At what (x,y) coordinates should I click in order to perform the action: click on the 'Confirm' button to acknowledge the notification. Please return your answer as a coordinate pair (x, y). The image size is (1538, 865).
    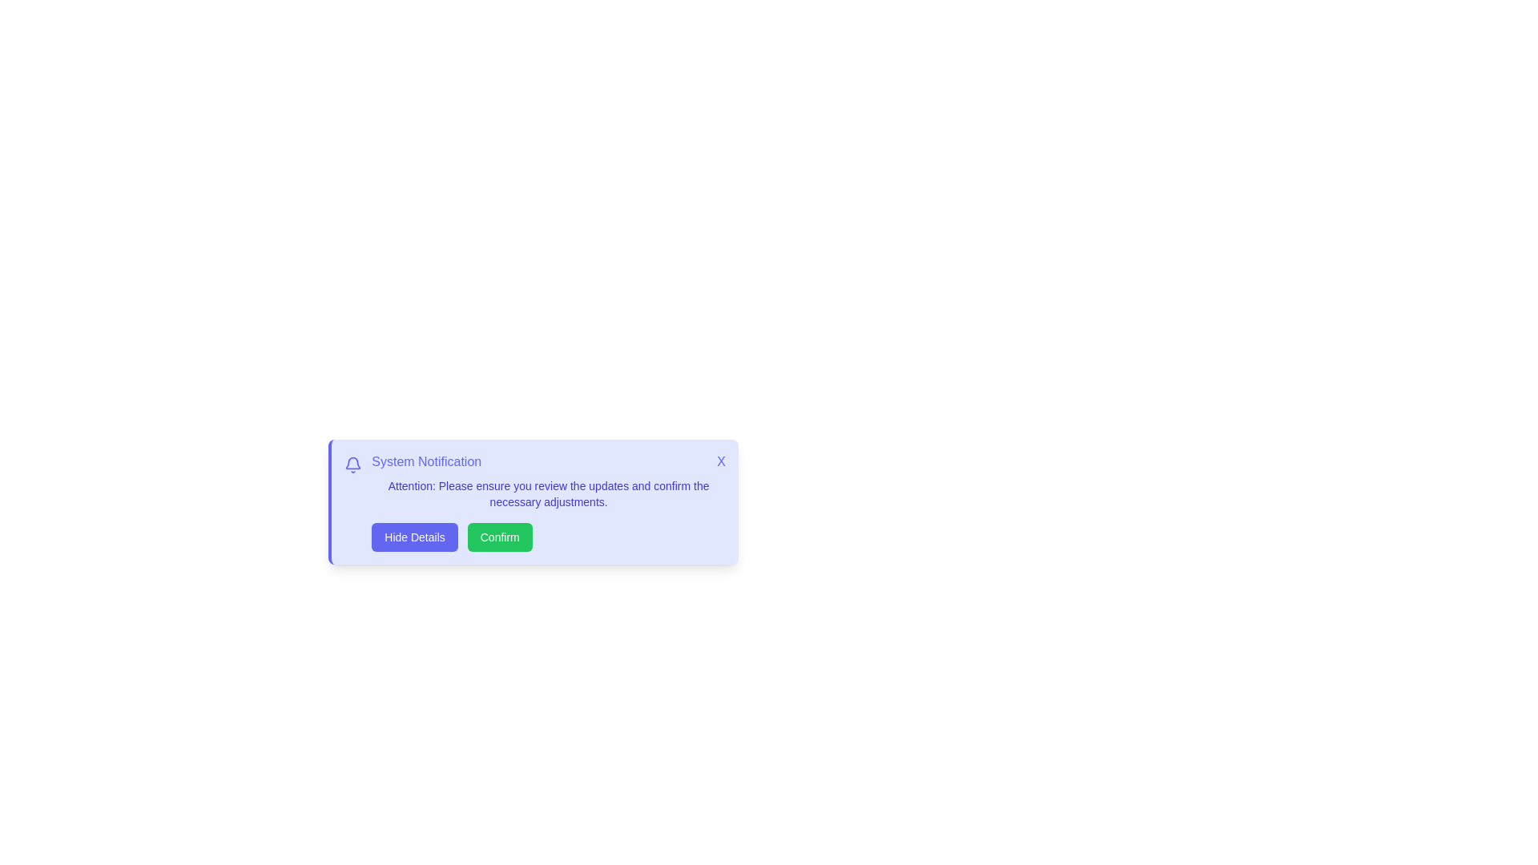
    Looking at the image, I should click on (499, 537).